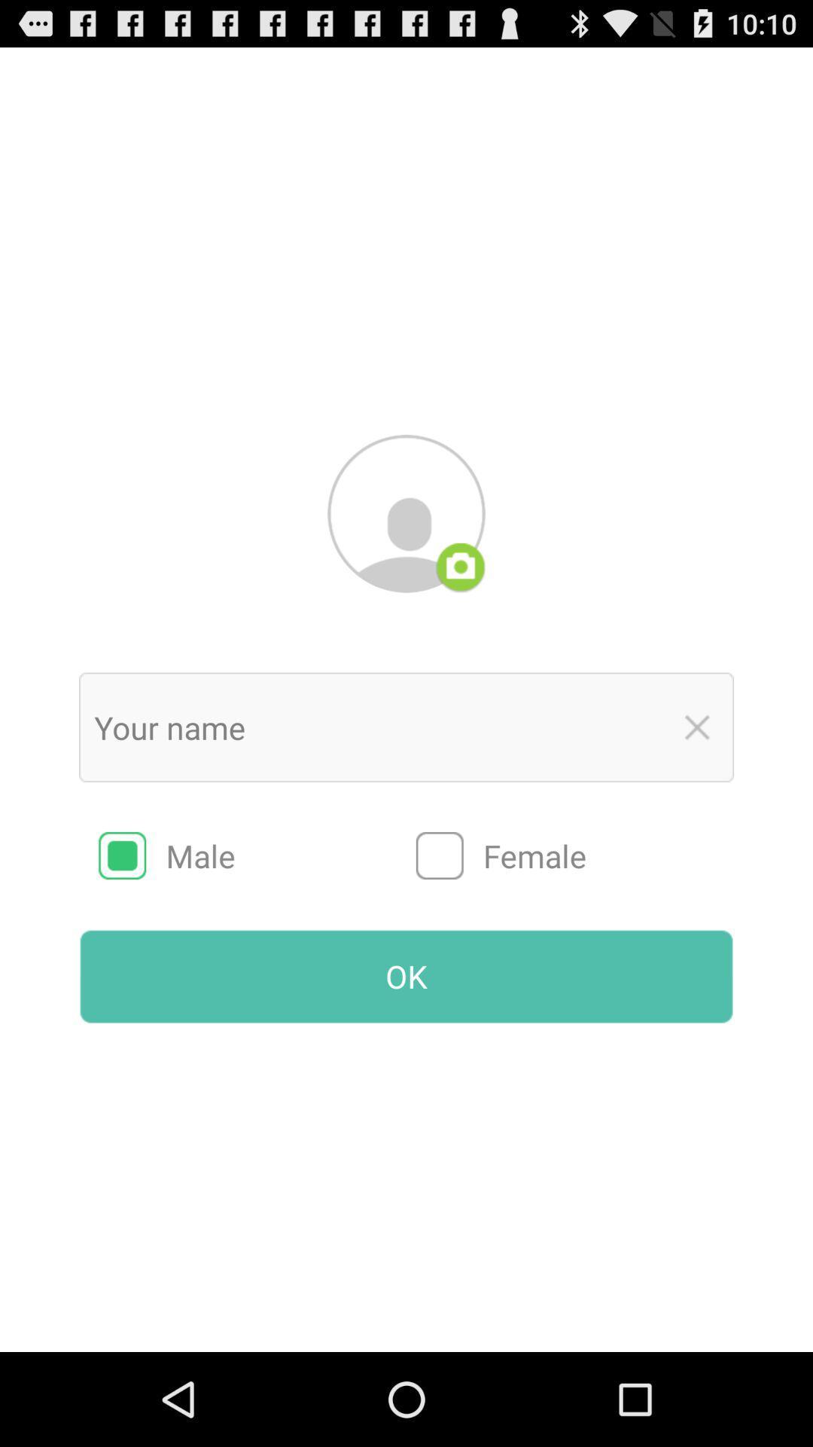 The image size is (813, 1447). I want to click on radio button next to the female, so click(257, 855).